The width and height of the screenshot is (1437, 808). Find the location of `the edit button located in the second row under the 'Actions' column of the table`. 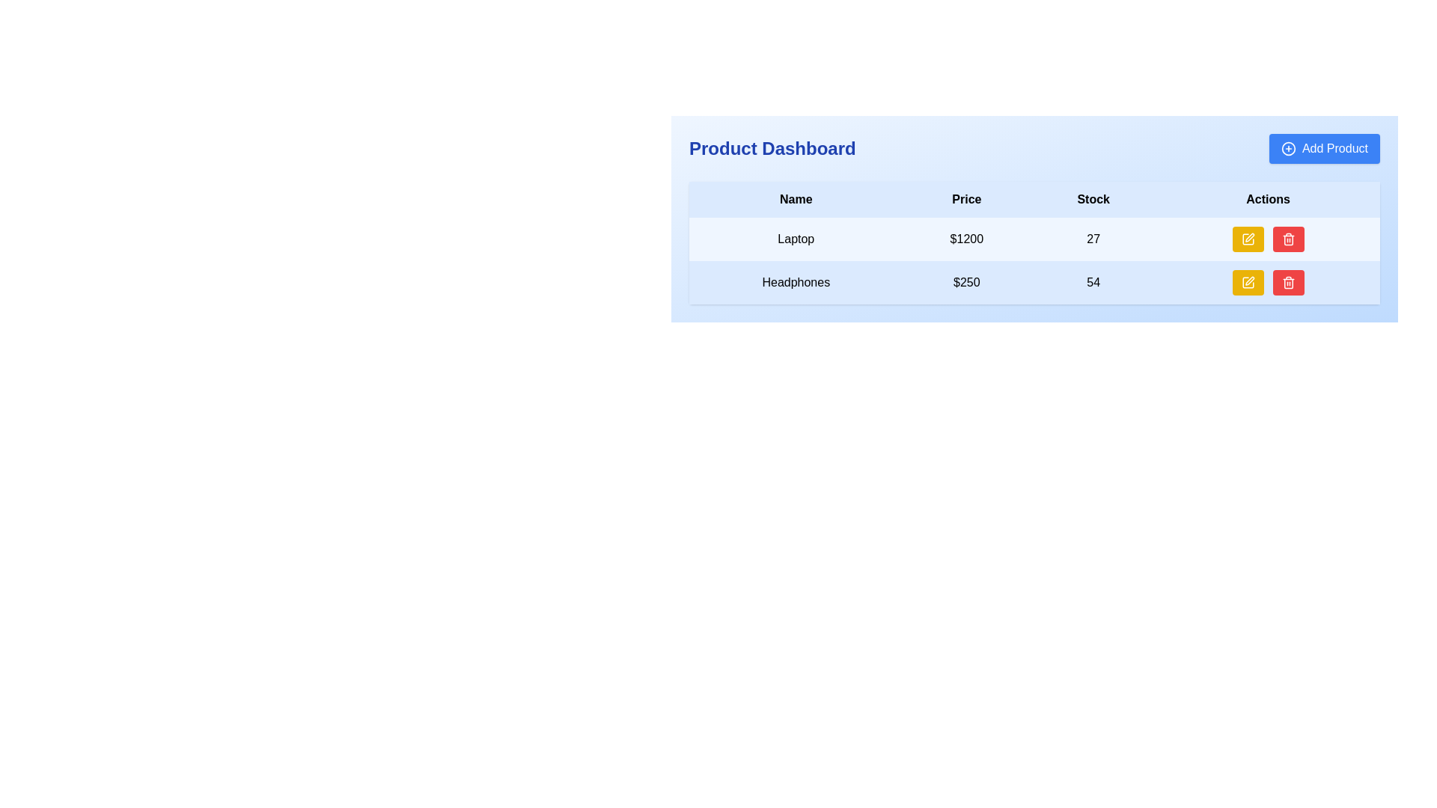

the edit button located in the second row under the 'Actions' column of the table is located at coordinates (1248, 283).